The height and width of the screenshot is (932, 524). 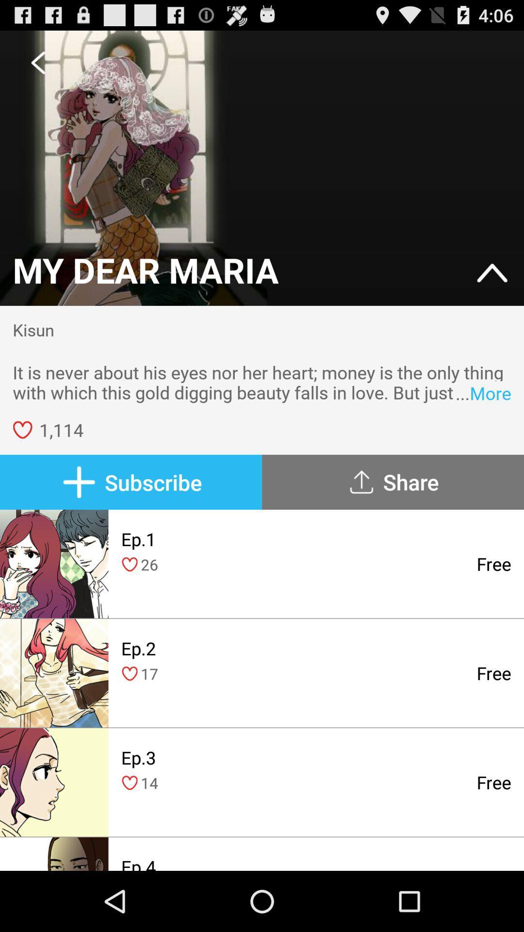 I want to click on the arrow_backward icon, so click(x=37, y=66).